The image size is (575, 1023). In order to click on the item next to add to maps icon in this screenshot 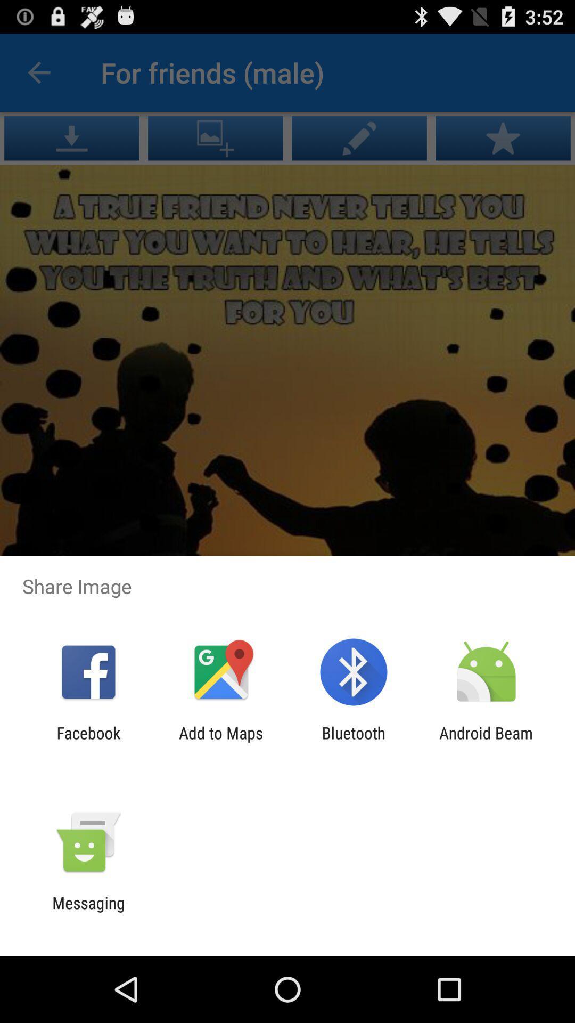, I will do `click(88, 742)`.